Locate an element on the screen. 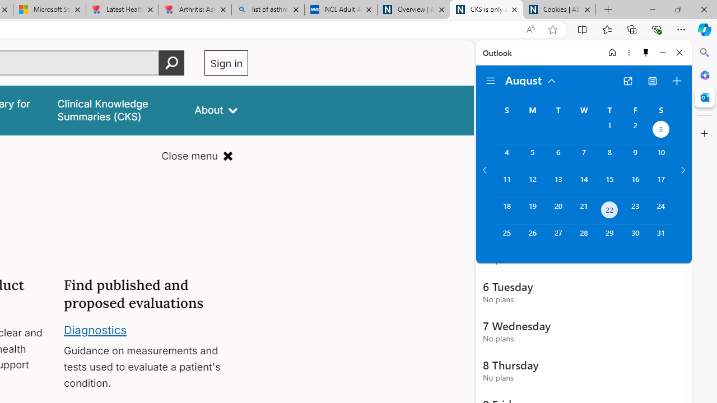 The height and width of the screenshot is (403, 717). 'Saturday, August 10, 2024. ' is located at coordinates (661, 157).